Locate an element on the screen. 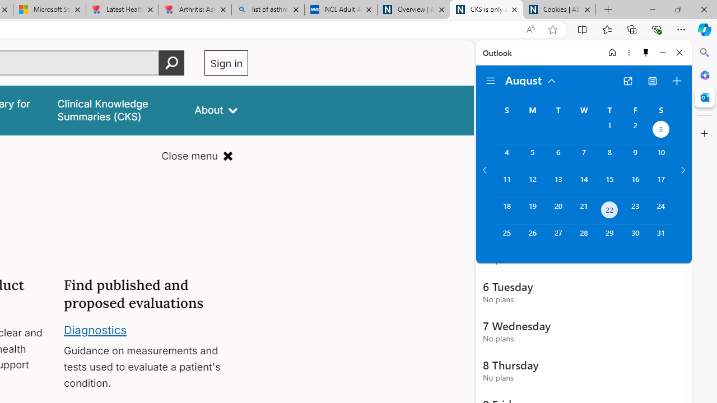 The height and width of the screenshot is (403, 717). 'Saturday, August 10, 2024. ' is located at coordinates (661, 157).